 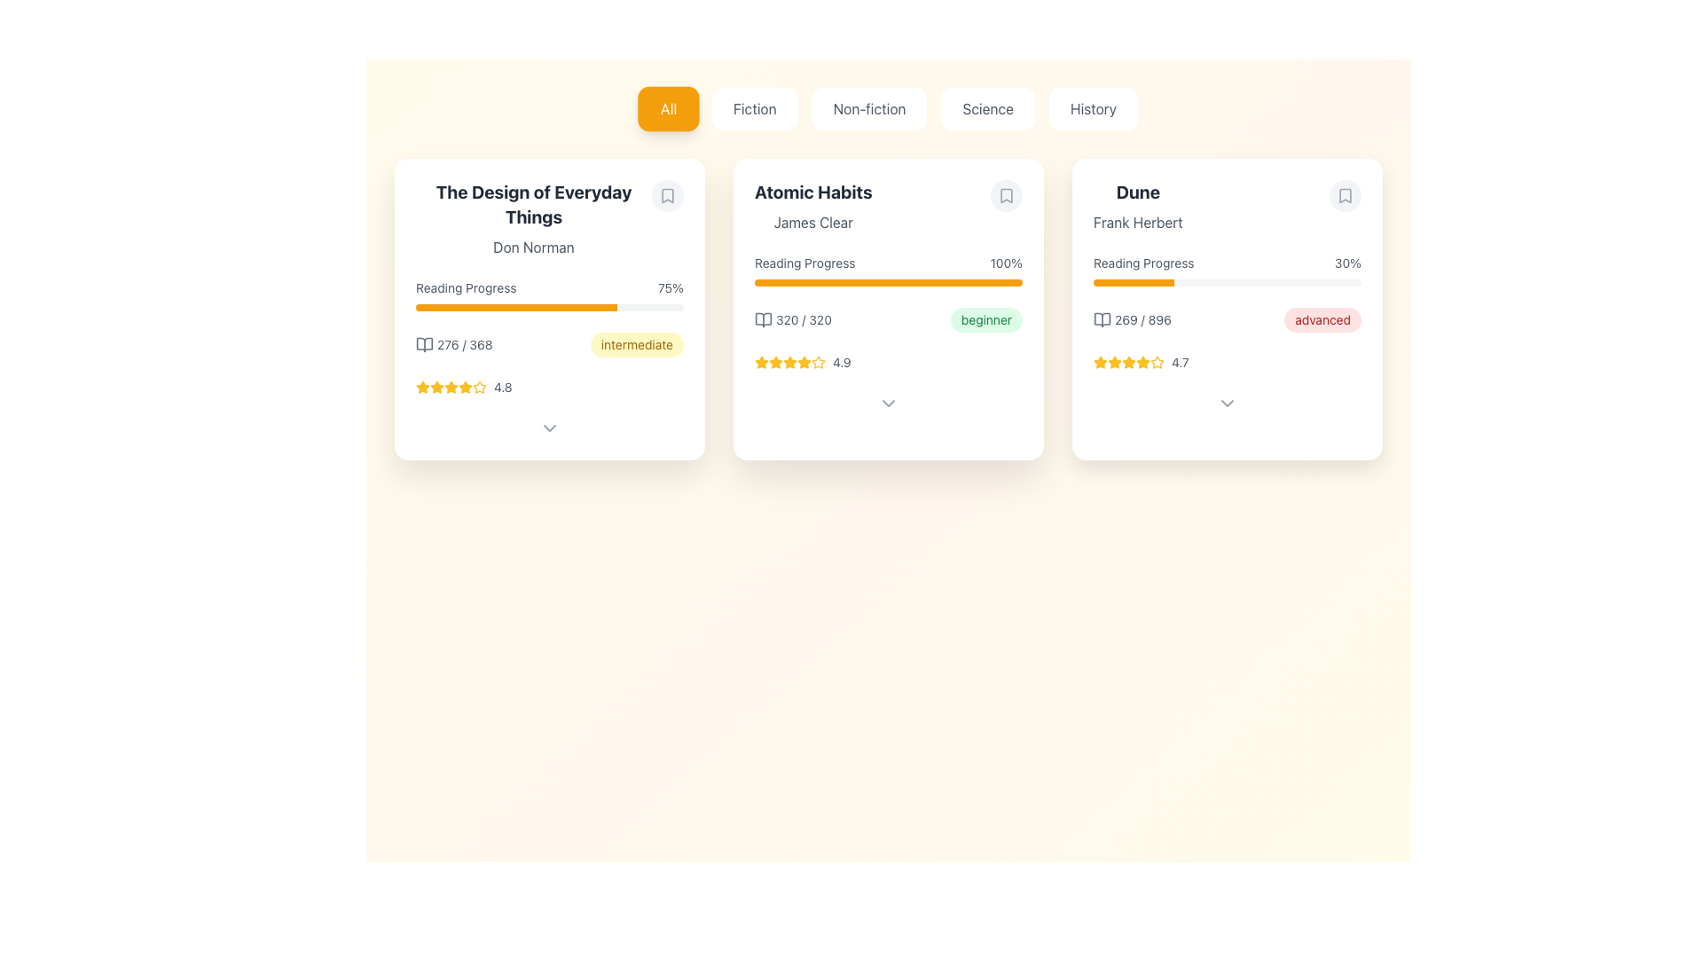 What do you see at coordinates (532, 217) in the screenshot?
I see `the title and author information display for the book 'The Design of Everyday Things', which is located in the top-left corner of the card layout` at bounding box center [532, 217].